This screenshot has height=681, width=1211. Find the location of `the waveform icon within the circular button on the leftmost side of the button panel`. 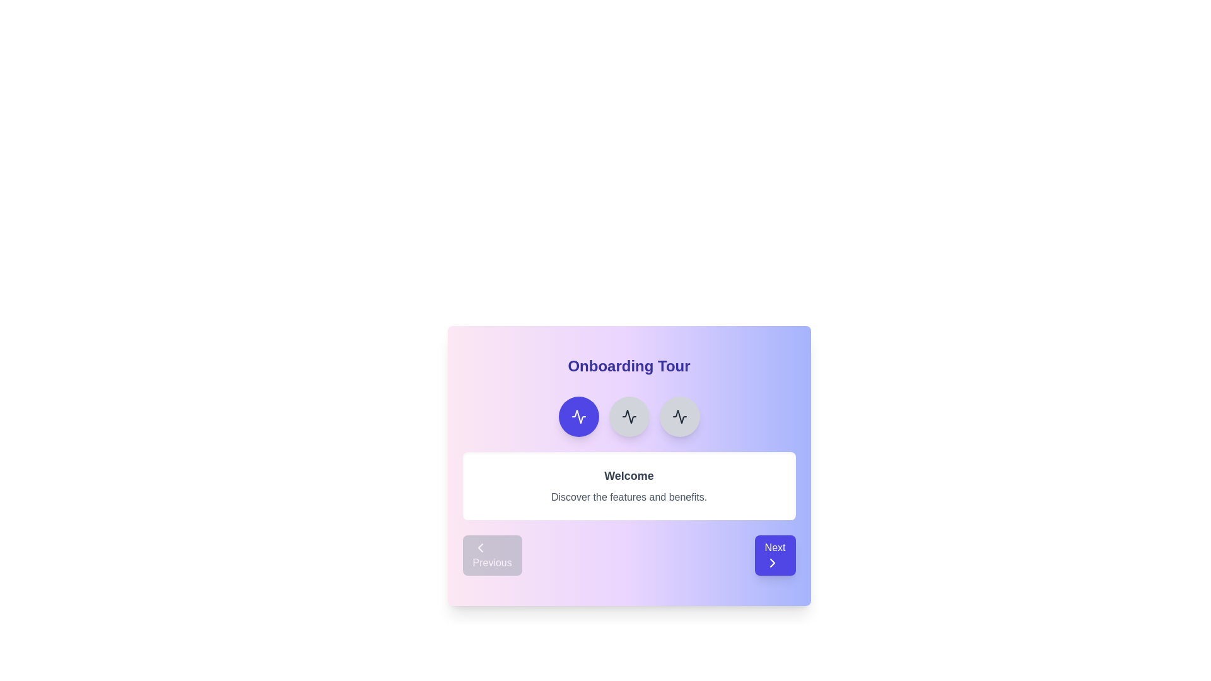

the waveform icon within the circular button on the leftmost side of the button panel is located at coordinates (578, 416).